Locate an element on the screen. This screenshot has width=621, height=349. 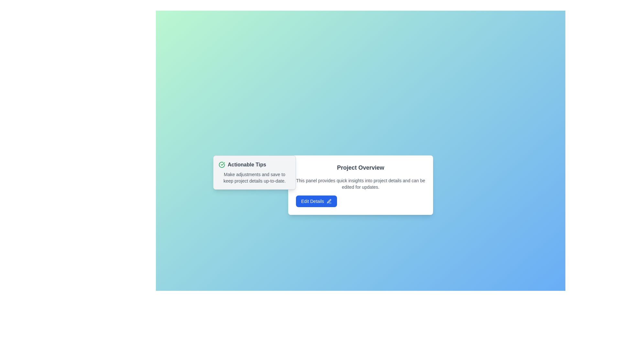
the text display containing the message 'This panel provides quick insights into project details and can be edited for updates.' which is styled in light gray and positioned below the 'Project Overview' heading is located at coordinates (360, 184).